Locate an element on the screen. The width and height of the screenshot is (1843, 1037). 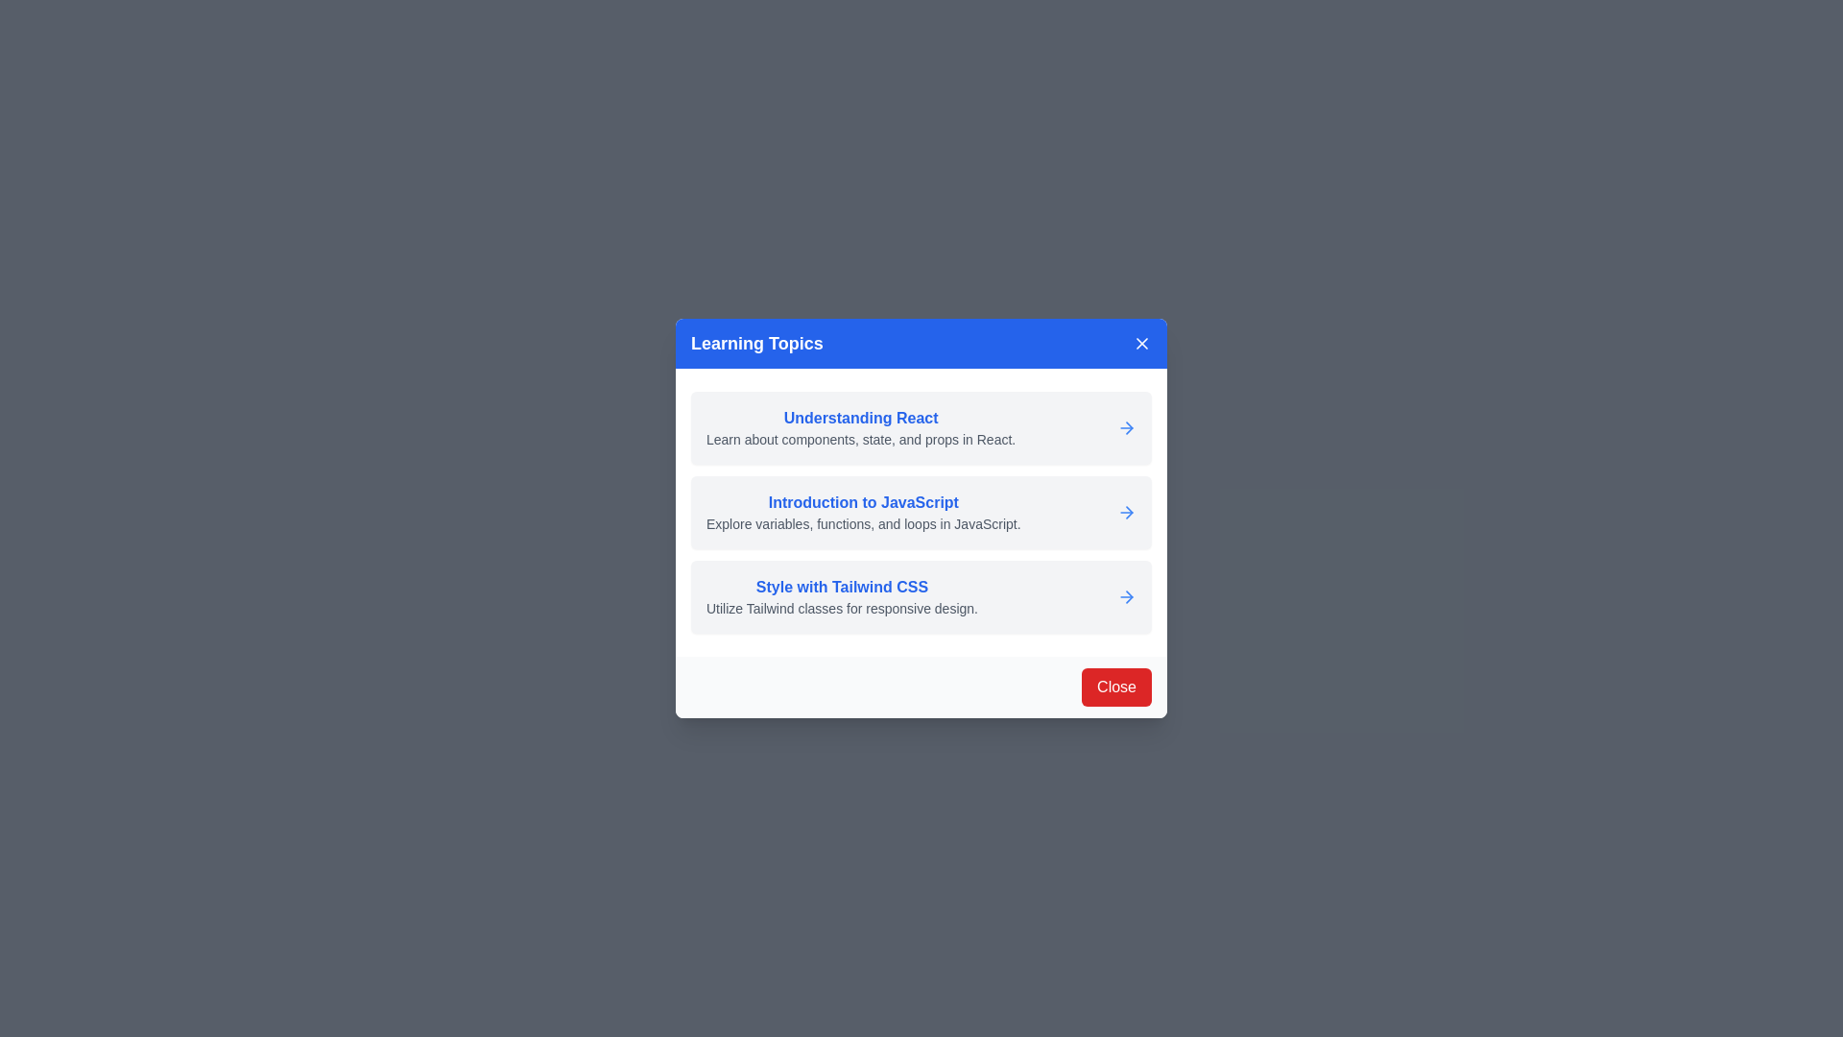
the close button icon located at the upper-right corner of the 'Learning Topics' card to trigger the tooltip is located at coordinates (1142, 343).